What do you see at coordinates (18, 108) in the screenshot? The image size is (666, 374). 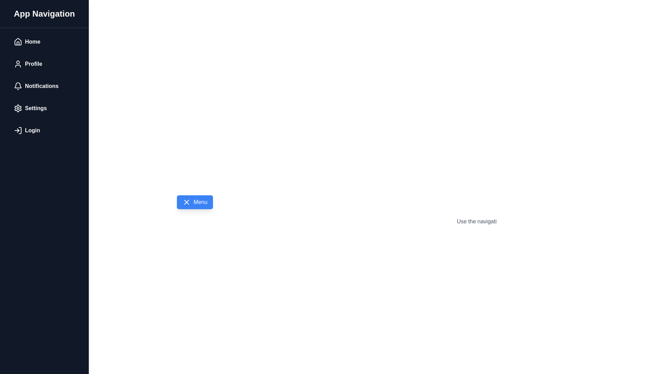 I see `the cogwheel icon in the settings item located at the third slot of the left-hand vertical menu bar` at bounding box center [18, 108].